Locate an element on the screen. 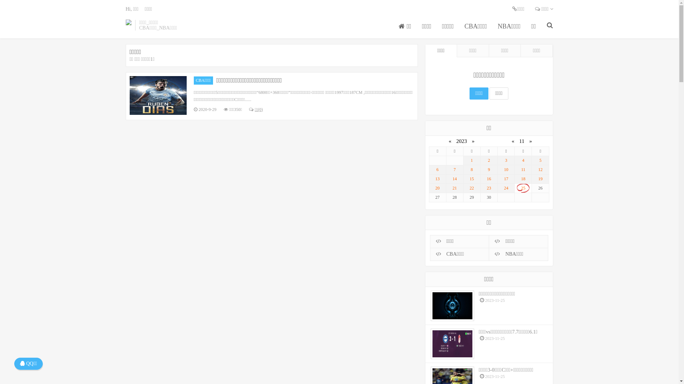 The image size is (684, 384). '9' is located at coordinates (482, 170).